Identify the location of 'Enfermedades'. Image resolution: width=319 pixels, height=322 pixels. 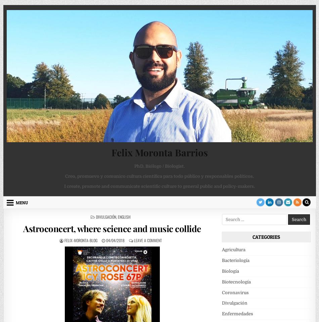
(221, 314).